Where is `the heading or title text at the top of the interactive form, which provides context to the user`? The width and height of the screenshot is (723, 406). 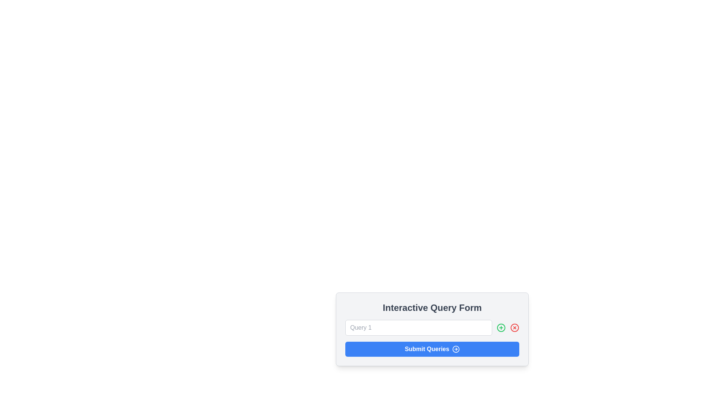
the heading or title text at the top of the interactive form, which provides context to the user is located at coordinates (432, 308).